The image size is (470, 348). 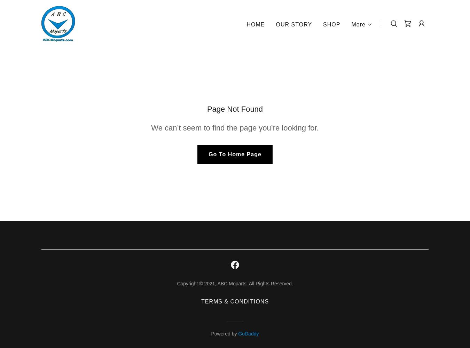 What do you see at coordinates (255, 24) in the screenshot?
I see `'HOME'` at bounding box center [255, 24].